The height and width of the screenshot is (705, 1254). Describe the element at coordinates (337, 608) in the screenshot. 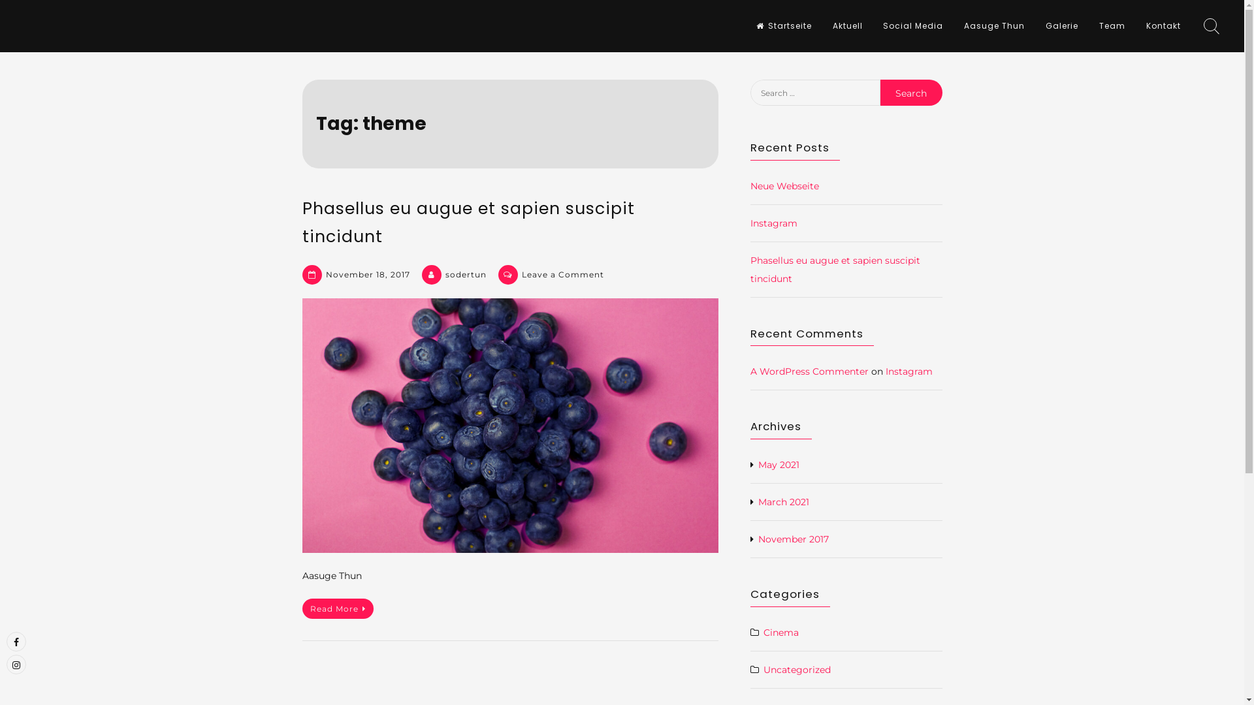

I see `'Read More'` at that location.